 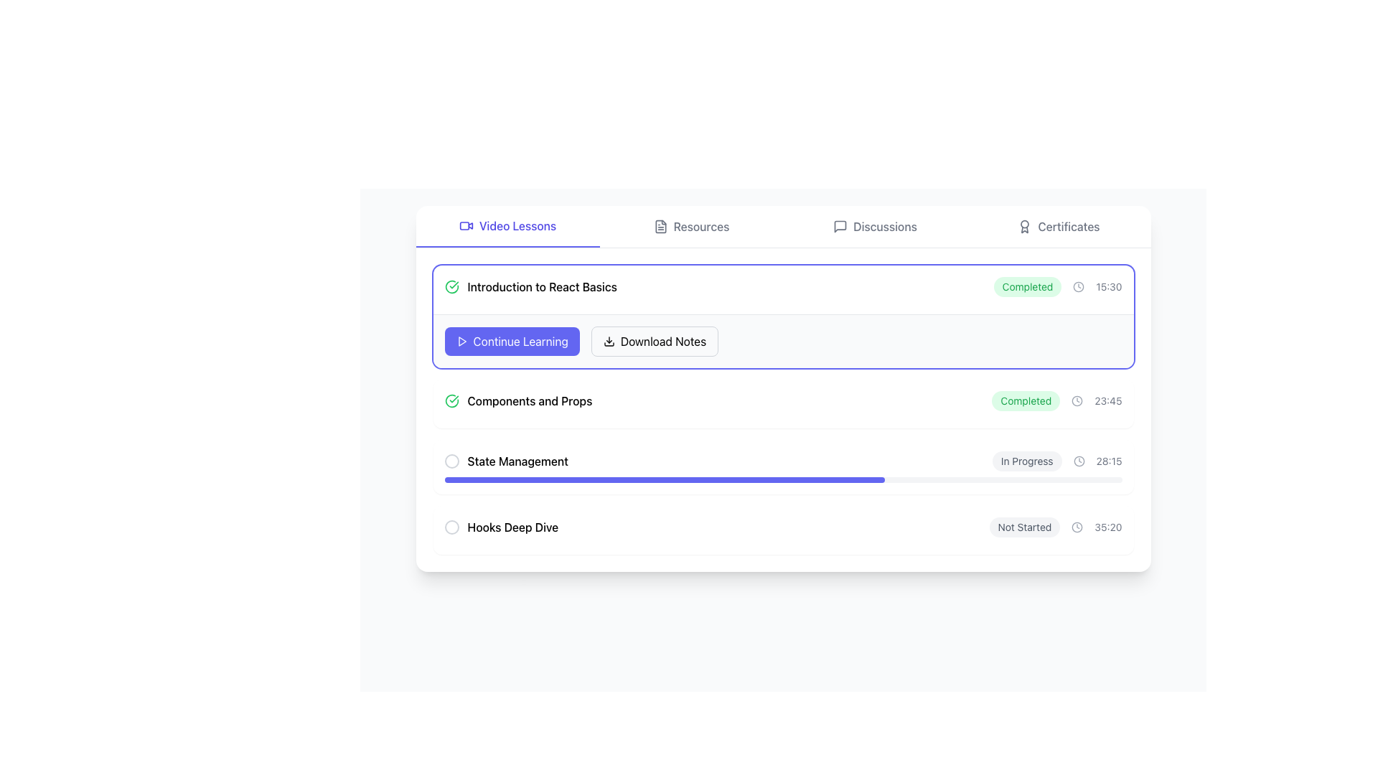 I want to click on the circular element at a specified angle 172 (in degrees) from the positive x-axis, so click(x=1078, y=534).